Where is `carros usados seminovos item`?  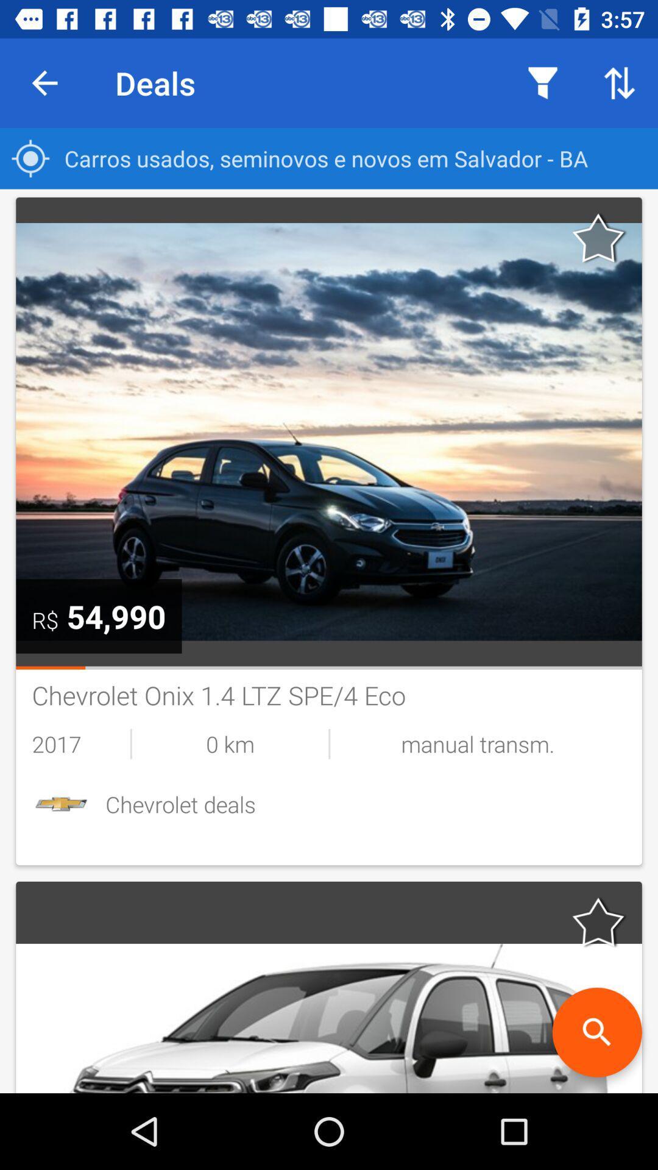
carros usados seminovos item is located at coordinates (329, 158).